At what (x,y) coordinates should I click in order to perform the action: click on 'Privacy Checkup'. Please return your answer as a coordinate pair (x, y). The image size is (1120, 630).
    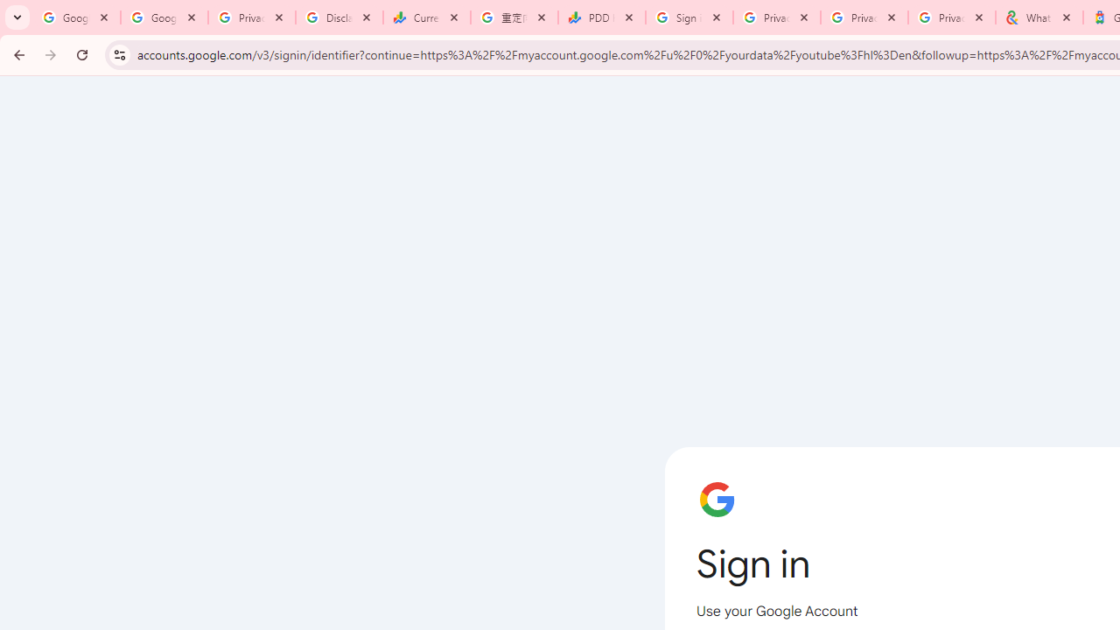
    Looking at the image, I should click on (951, 17).